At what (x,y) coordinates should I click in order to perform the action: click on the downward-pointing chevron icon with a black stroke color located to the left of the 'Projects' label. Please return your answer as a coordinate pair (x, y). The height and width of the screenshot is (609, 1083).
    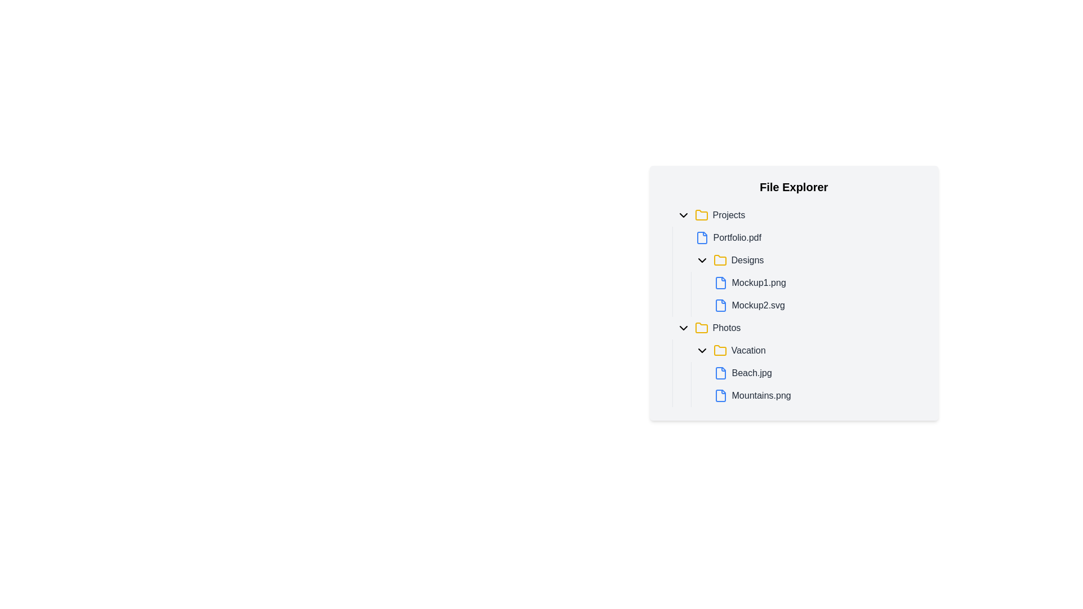
    Looking at the image, I should click on (683, 215).